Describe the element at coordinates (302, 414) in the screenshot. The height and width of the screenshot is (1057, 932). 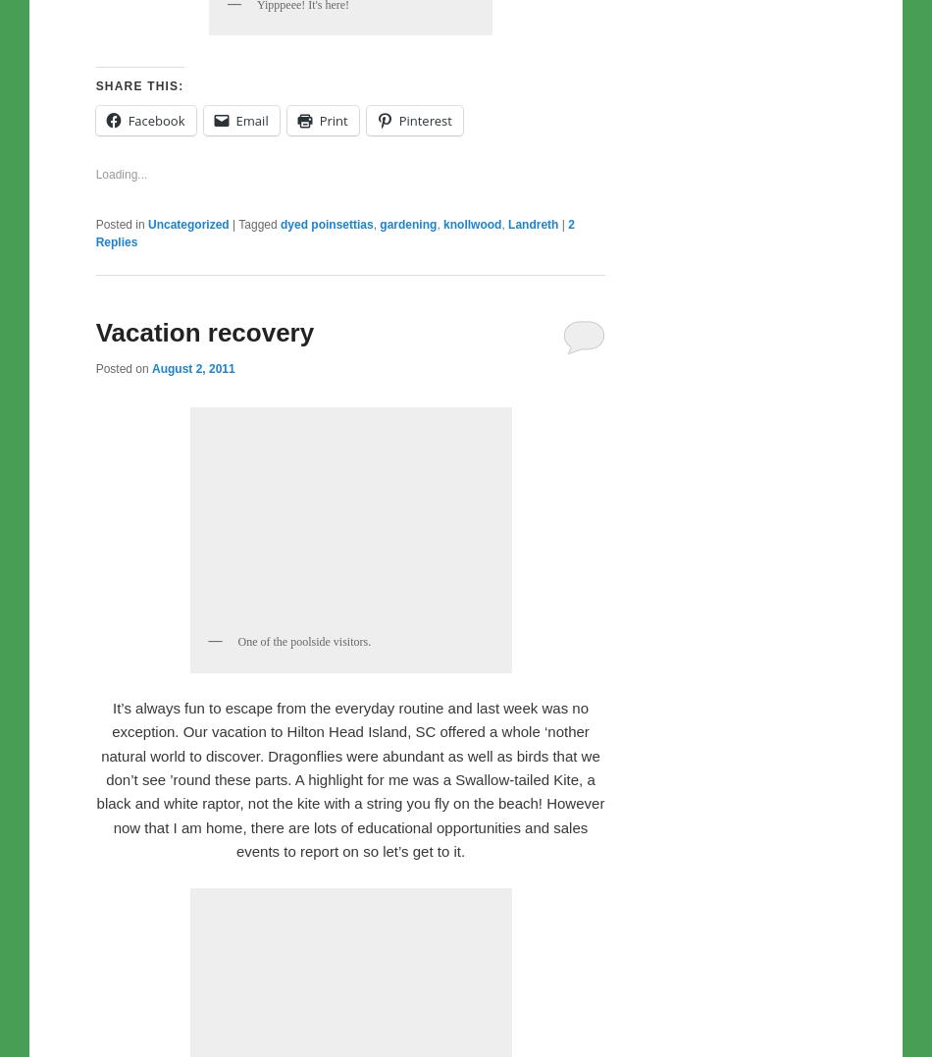
I see `'Yipppeee! It's here!'` at that location.